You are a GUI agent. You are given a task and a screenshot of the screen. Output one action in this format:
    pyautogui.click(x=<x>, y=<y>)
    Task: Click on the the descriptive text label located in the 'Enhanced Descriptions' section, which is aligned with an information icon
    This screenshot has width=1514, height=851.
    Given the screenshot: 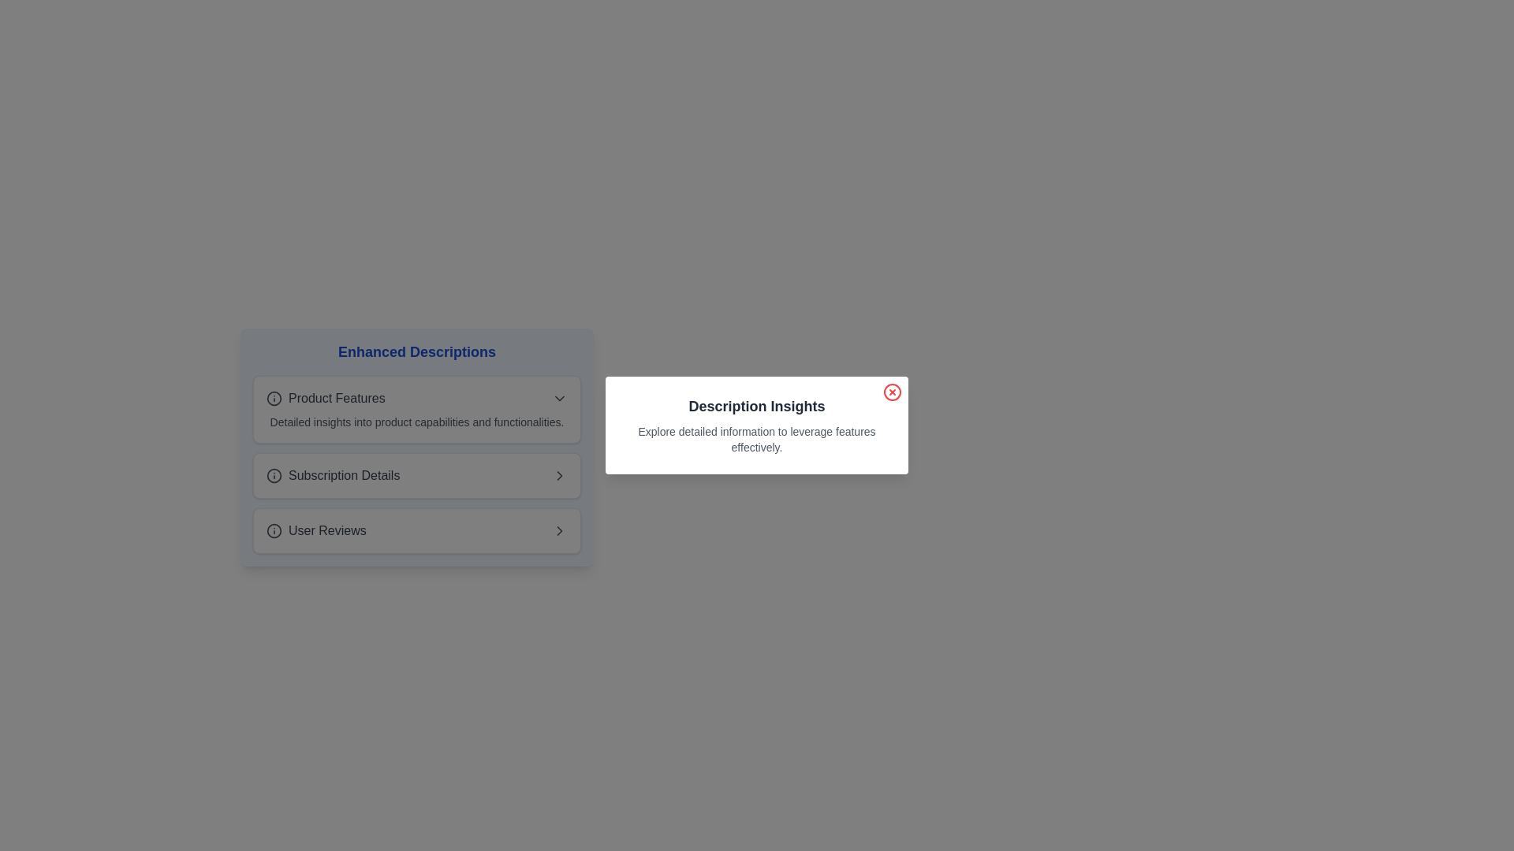 What is the action you would take?
    pyautogui.click(x=336, y=397)
    